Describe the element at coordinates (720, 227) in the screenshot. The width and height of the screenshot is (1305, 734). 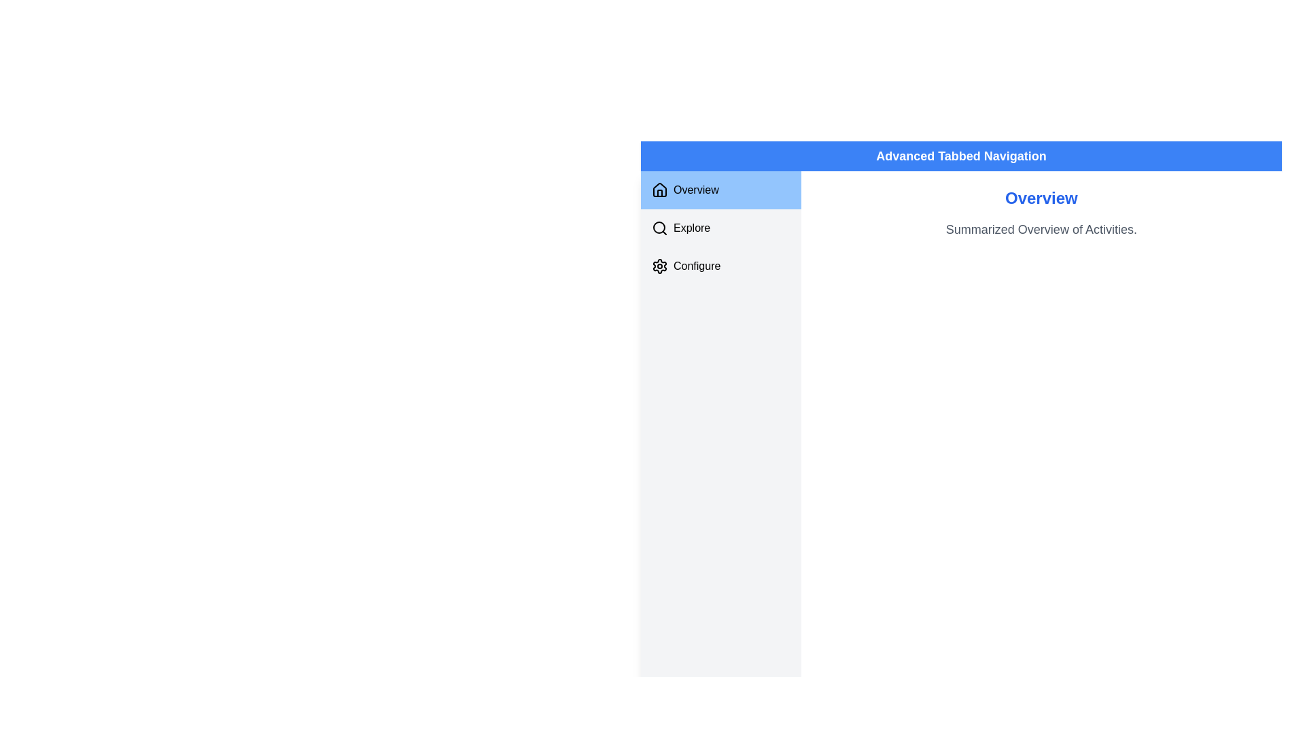
I see `the 'Explore' button located in the vertical navigation list of the sidebar panel to change its background color` at that location.